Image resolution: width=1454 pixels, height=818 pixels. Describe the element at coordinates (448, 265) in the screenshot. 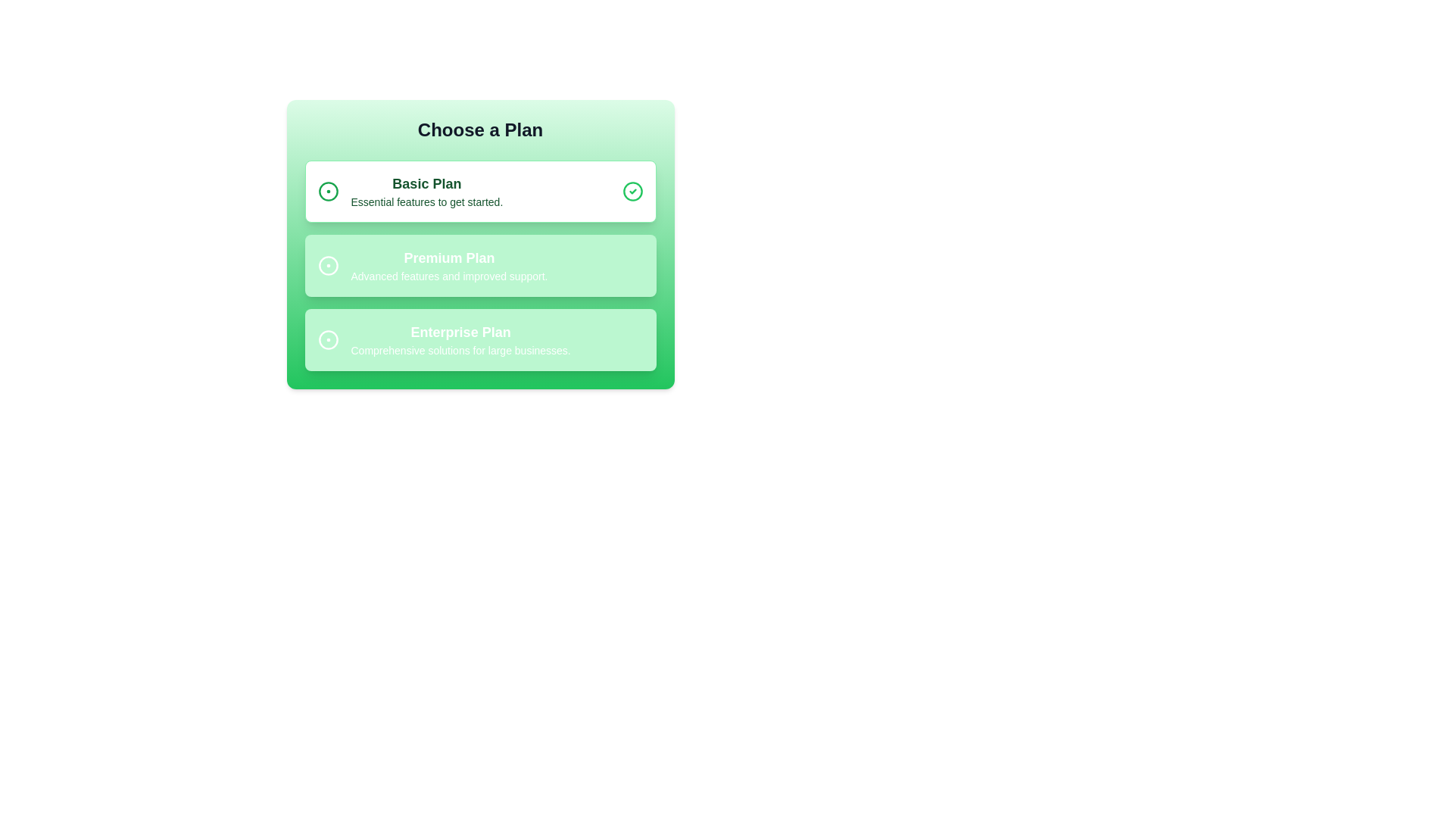

I see `text display located within the highlighted option card labeled 'Premium Plan', which provides details about its features` at that location.